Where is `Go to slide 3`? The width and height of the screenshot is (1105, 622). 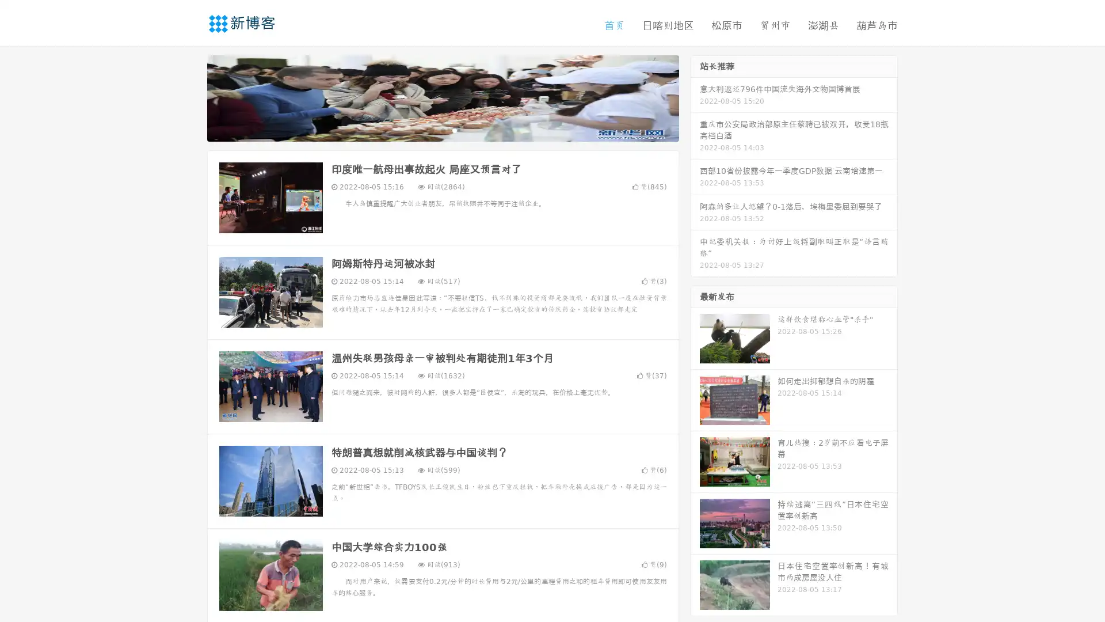 Go to slide 3 is located at coordinates (454, 130).